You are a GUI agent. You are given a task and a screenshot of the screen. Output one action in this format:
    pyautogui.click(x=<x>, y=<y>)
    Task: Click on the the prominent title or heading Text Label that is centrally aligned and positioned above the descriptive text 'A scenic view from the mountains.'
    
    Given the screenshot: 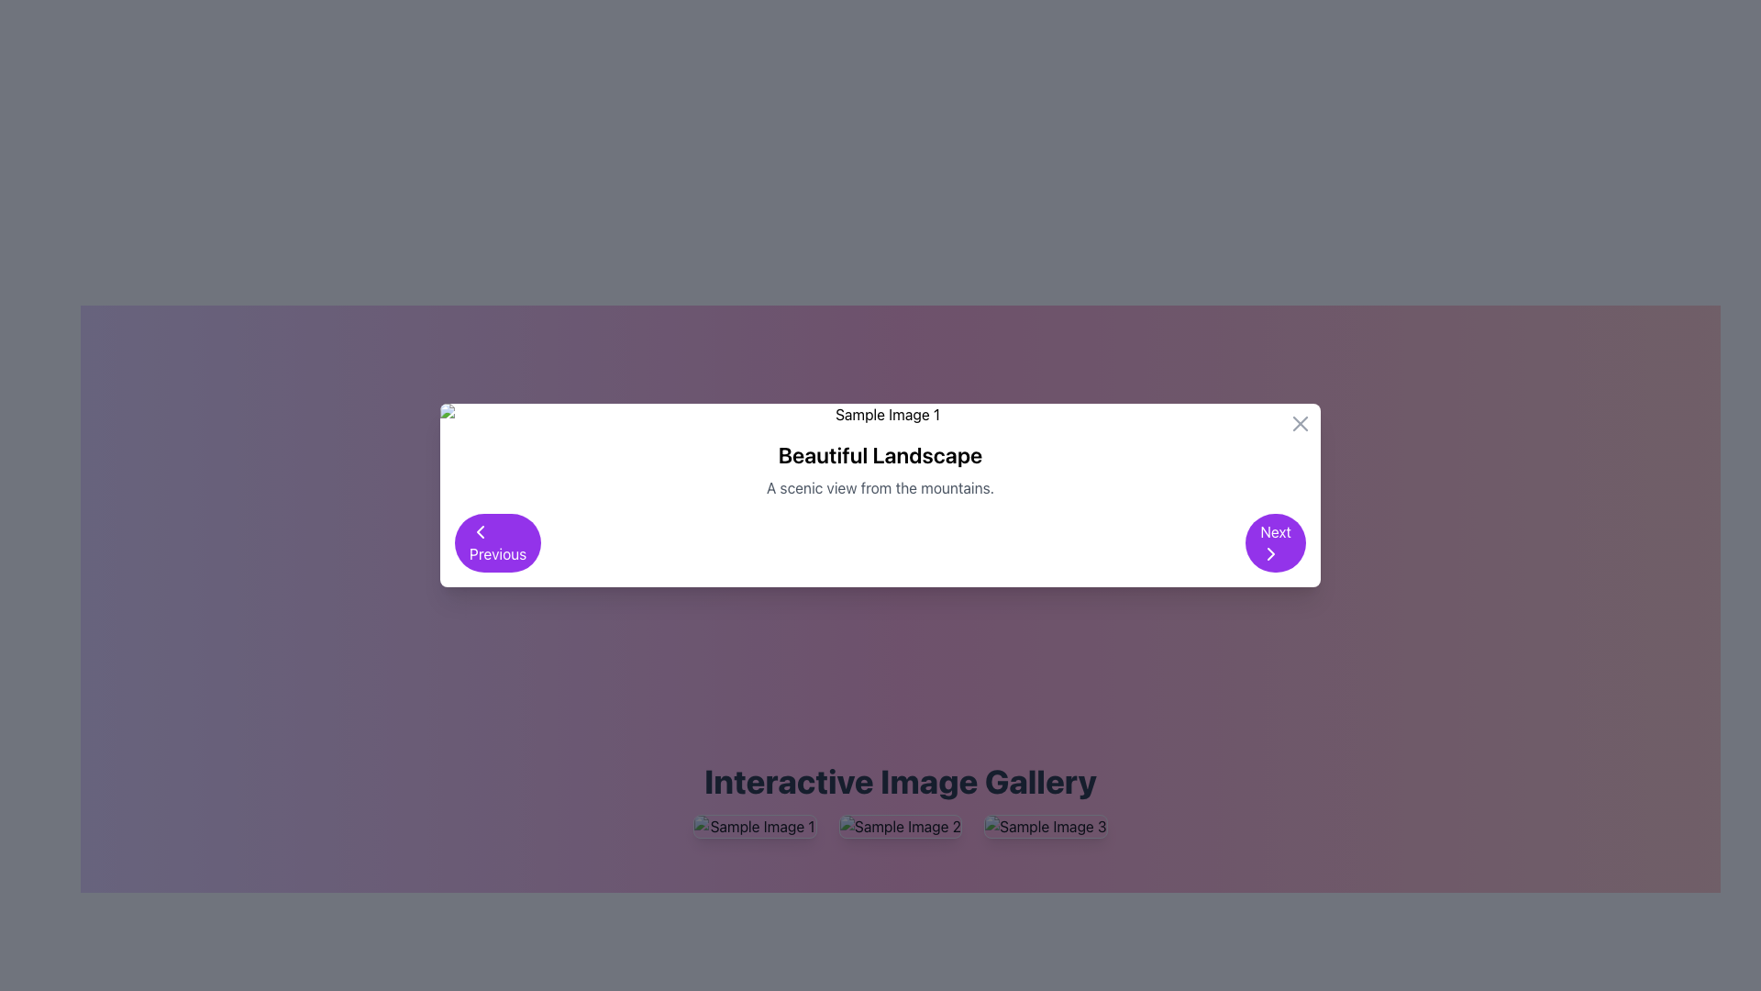 What is the action you would take?
    pyautogui.click(x=880, y=454)
    